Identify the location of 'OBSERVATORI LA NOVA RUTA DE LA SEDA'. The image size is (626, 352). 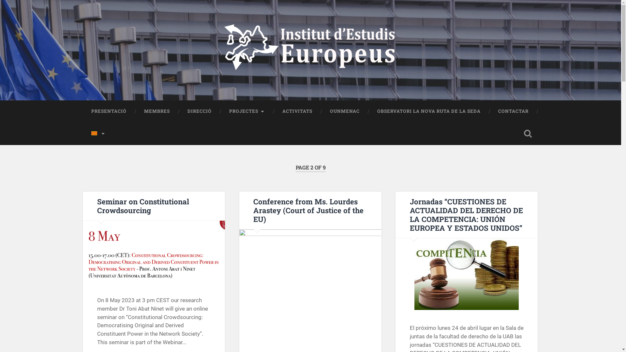
(429, 111).